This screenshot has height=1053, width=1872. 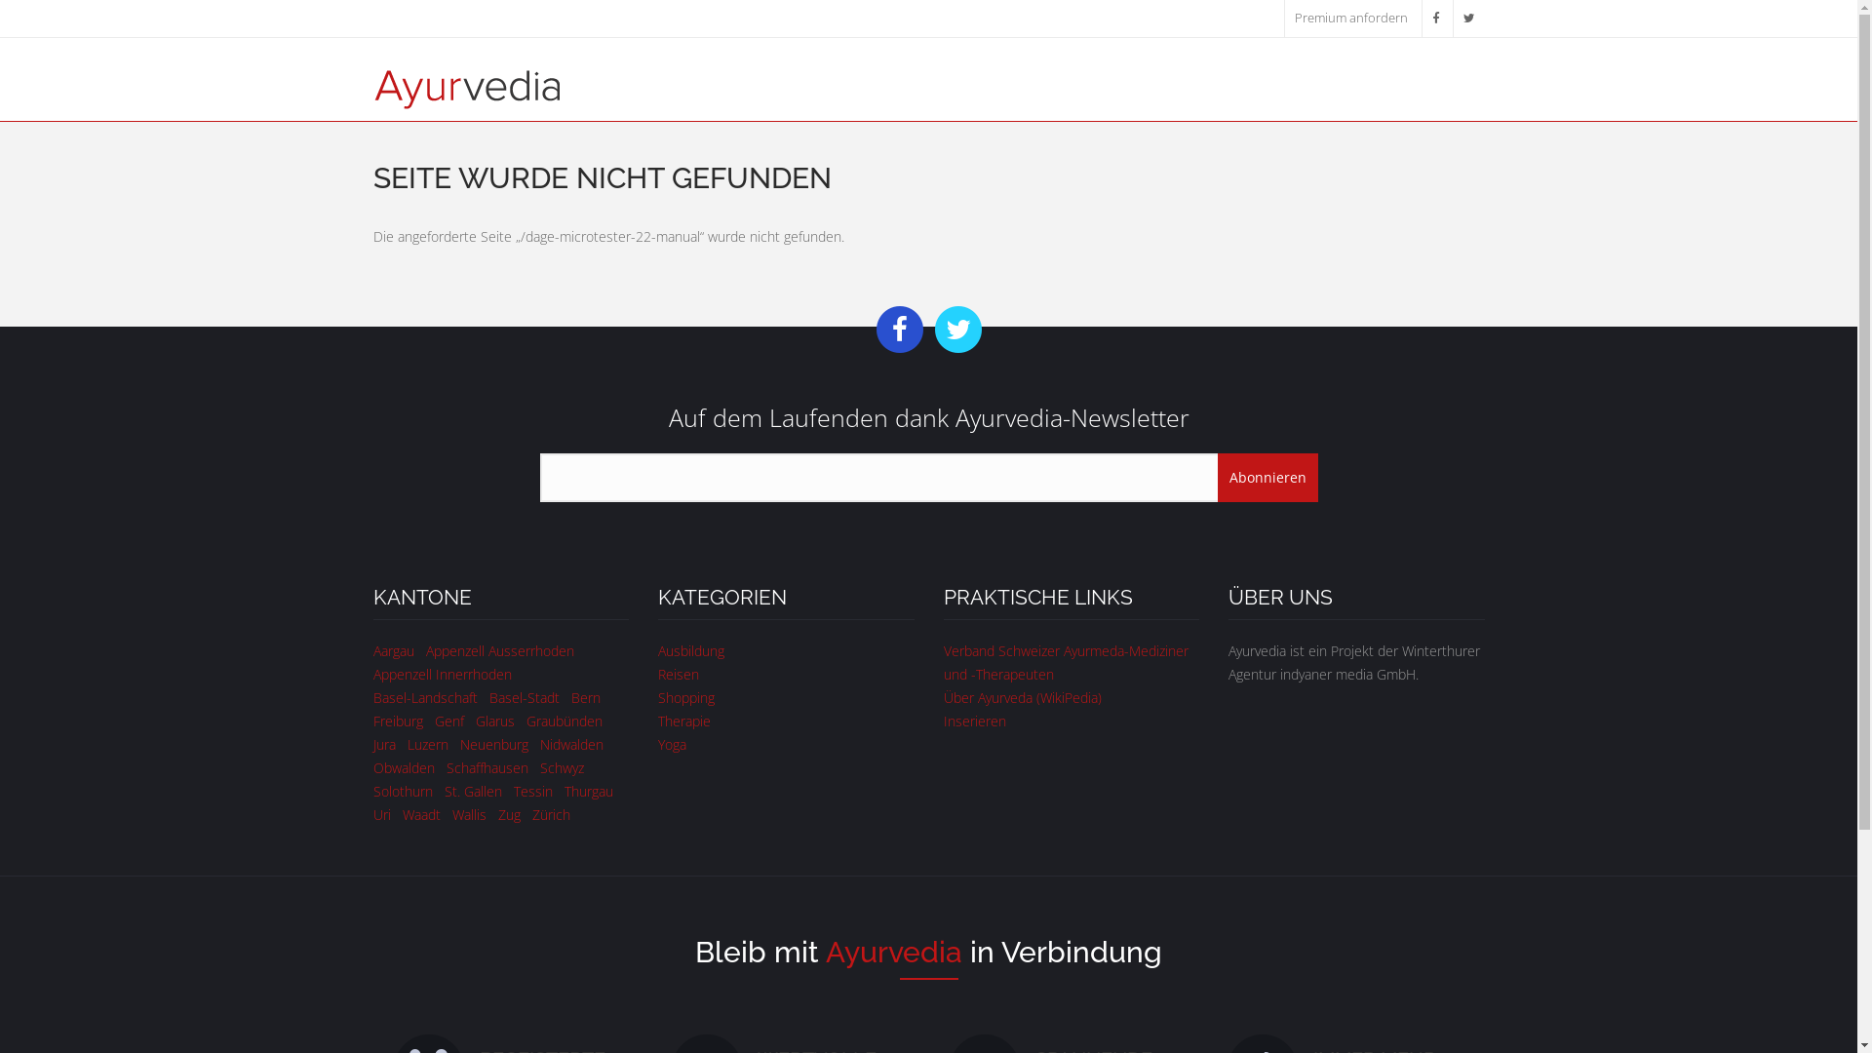 I want to click on 'Abonnieren', so click(x=1267, y=477).